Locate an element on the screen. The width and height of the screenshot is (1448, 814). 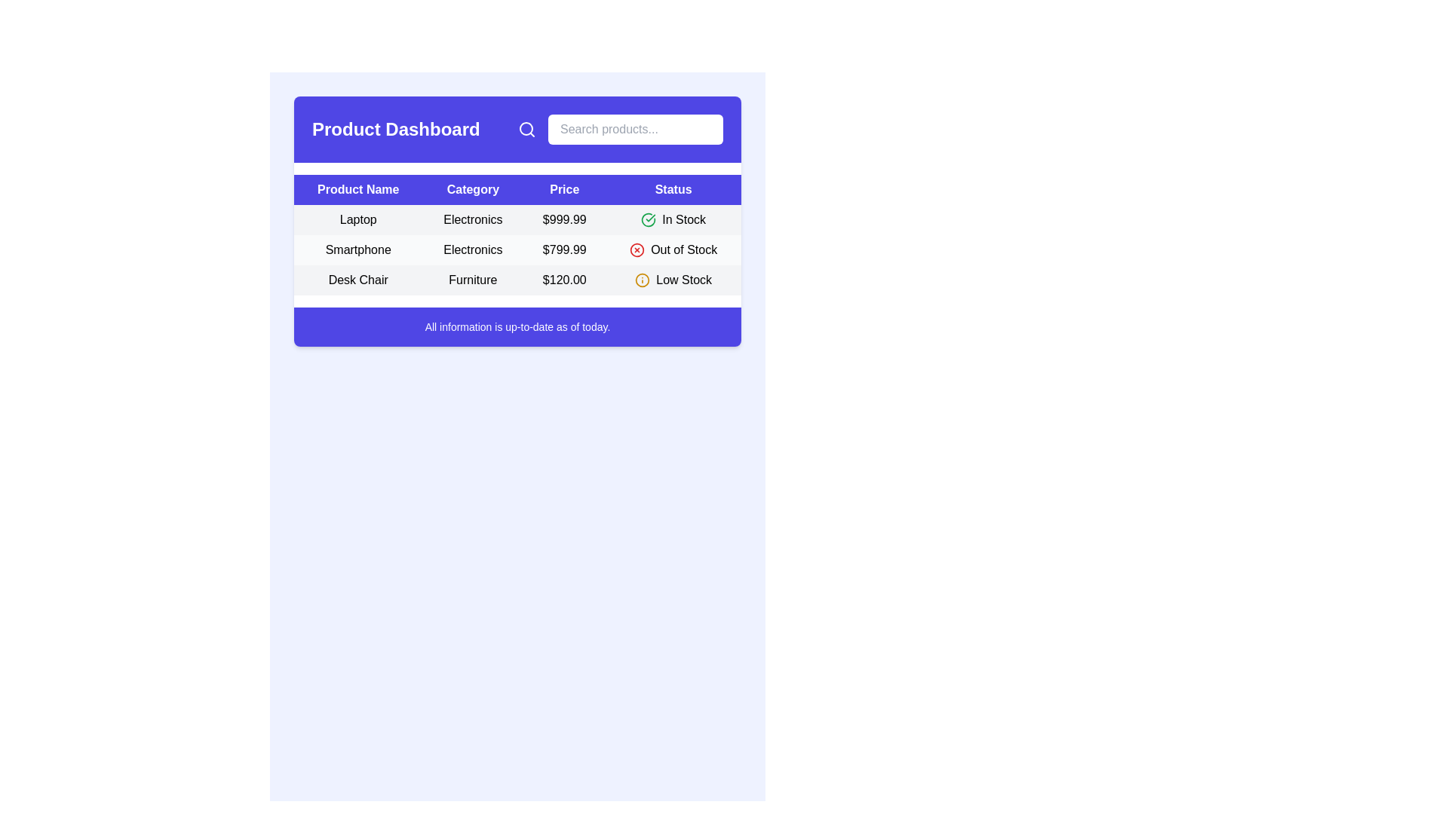
the 'In Stock' text with the green checkmark icon located in the 'Status' column of the first row in the product information table is located at coordinates (673, 220).